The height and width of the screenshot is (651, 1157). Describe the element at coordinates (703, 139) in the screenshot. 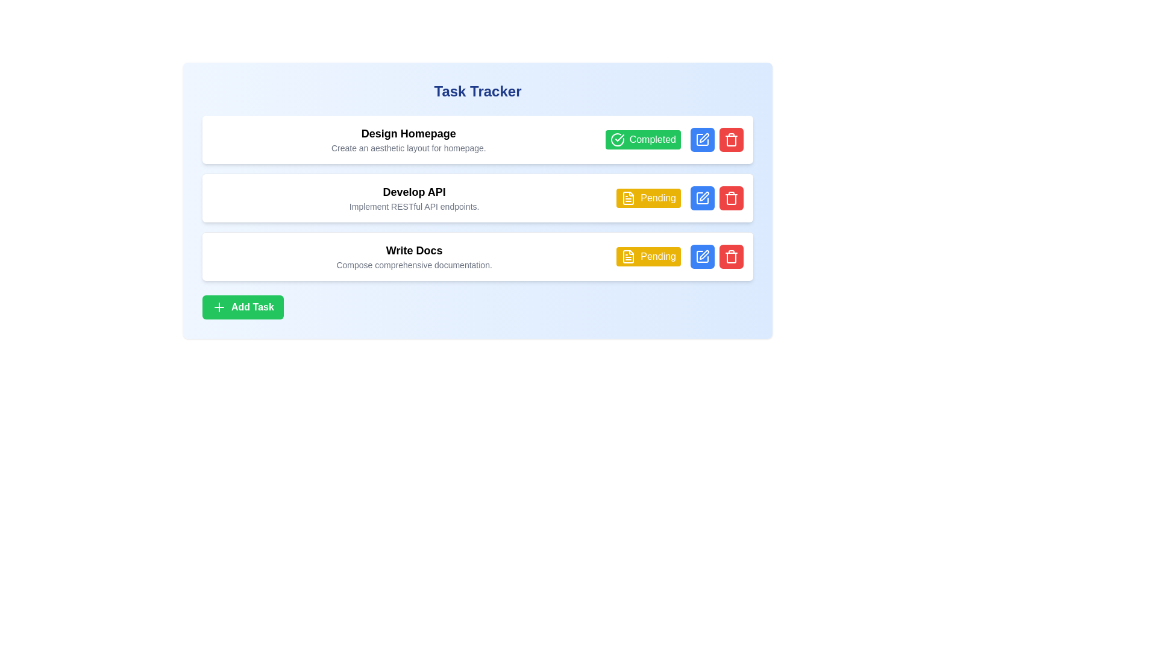

I see `the edit icon within the blue button located on the same row as the 'Design Homepage' task item to enter edit mode` at that location.